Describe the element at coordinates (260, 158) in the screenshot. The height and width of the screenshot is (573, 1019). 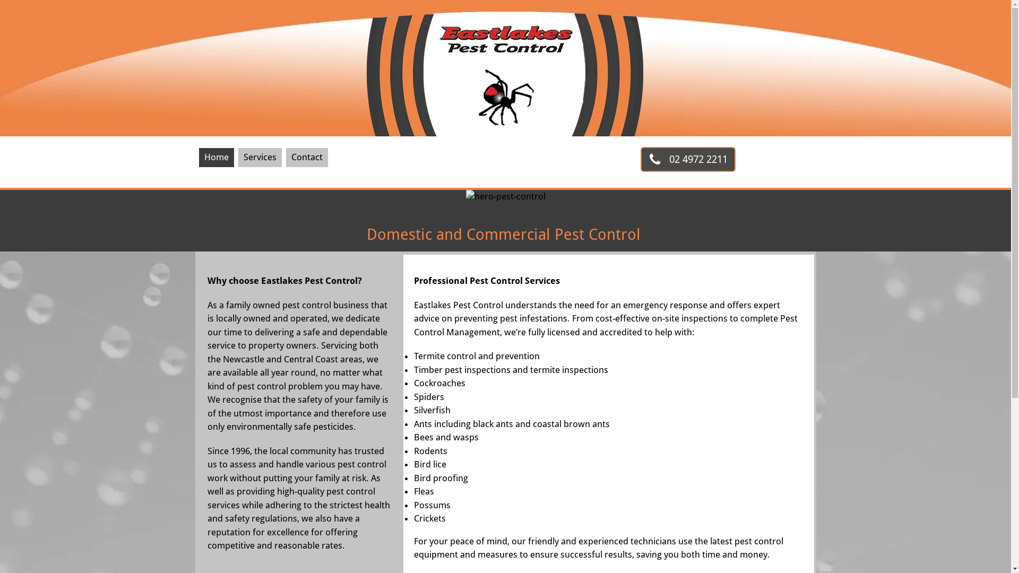
I see `'Services'` at that location.